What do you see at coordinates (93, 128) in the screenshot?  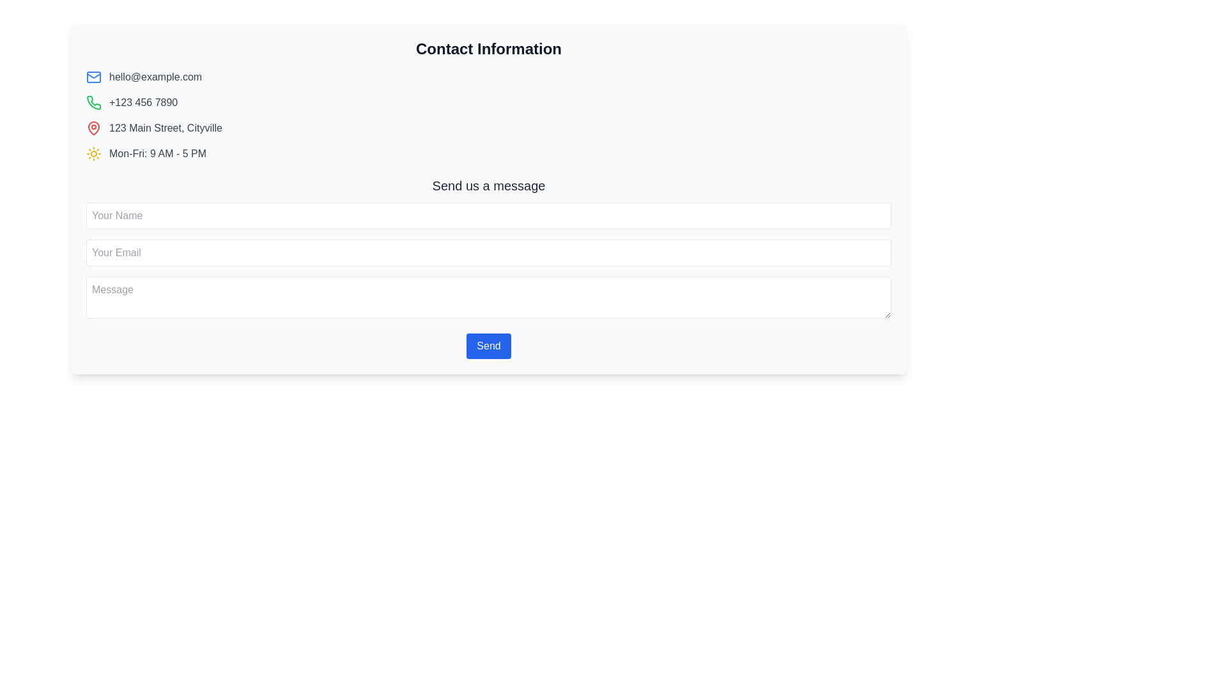 I see `the red map pin icon located next to the address '123 Main Street, Cityville' in the third row of the contact information section` at bounding box center [93, 128].